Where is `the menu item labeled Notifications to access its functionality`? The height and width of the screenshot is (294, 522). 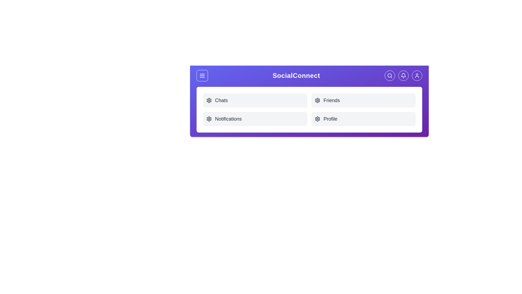 the menu item labeled Notifications to access its functionality is located at coordinates (255, 118).